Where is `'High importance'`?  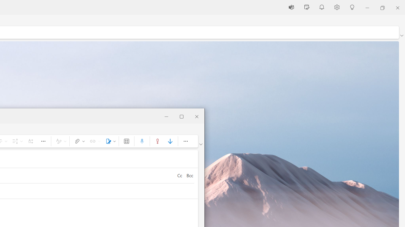 'High importance' is located at coordinates (157, 141).